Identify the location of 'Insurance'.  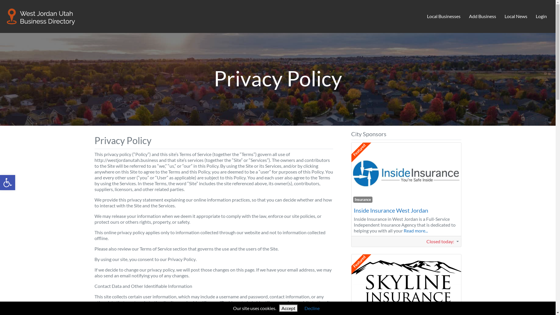
(362, 199).